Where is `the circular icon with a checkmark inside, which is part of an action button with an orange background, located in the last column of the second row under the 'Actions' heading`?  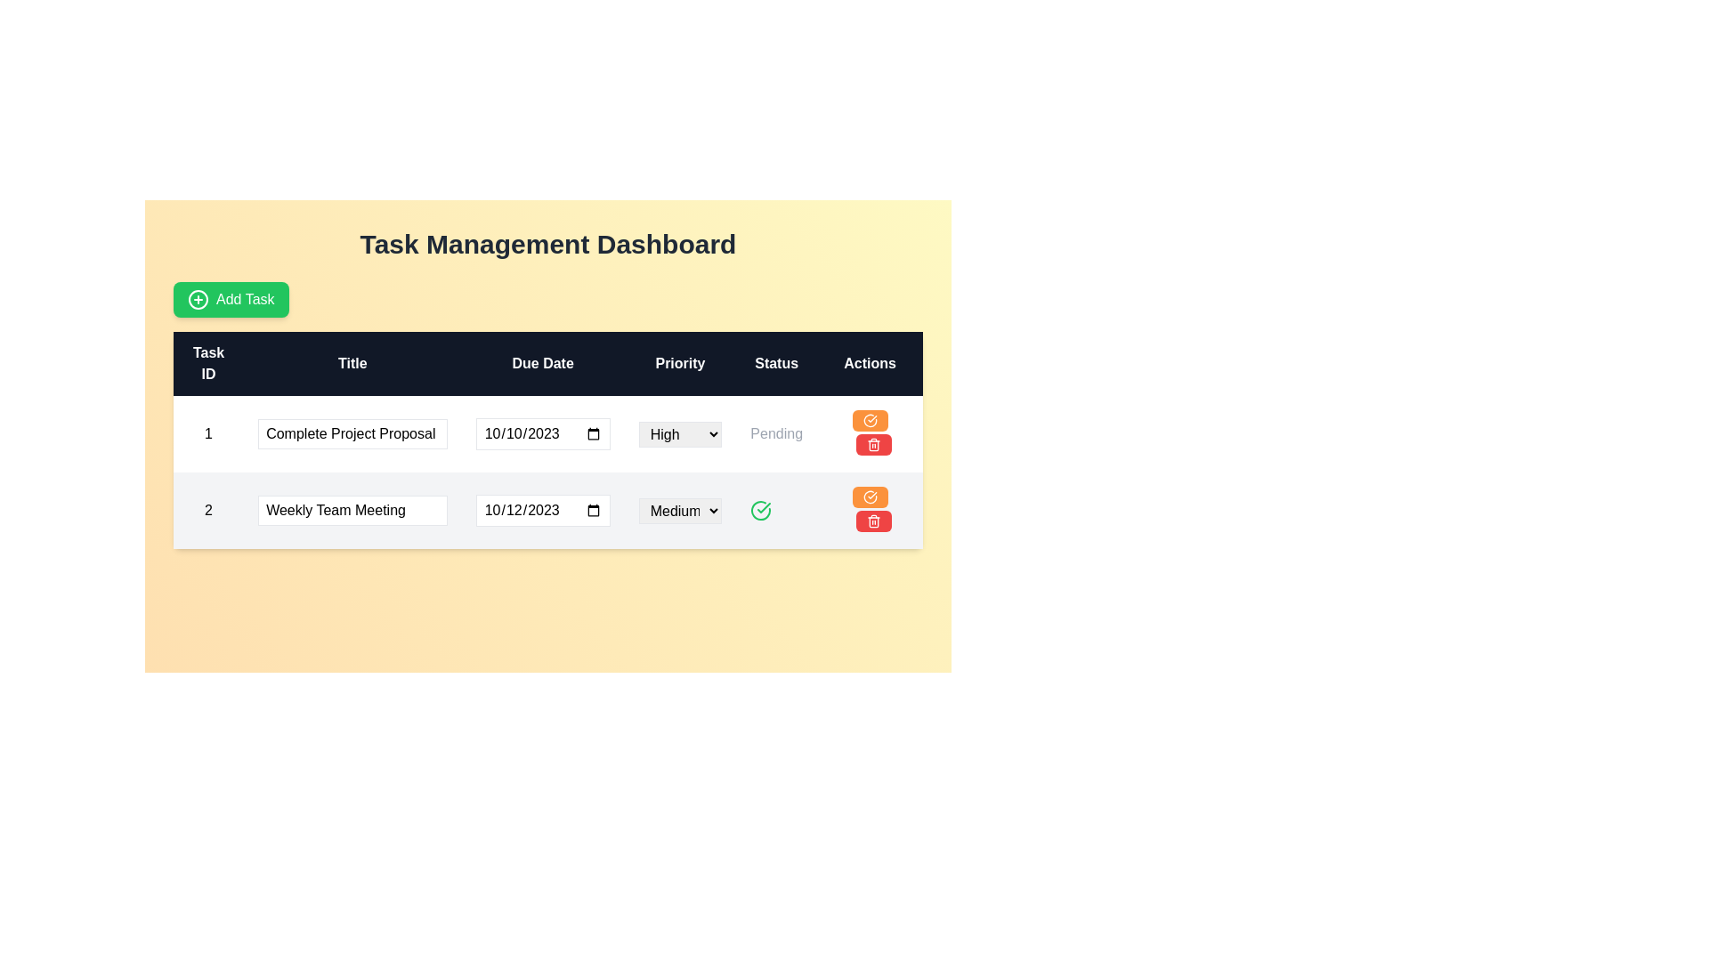 the circular icon with a checkmark inside, which is part of an action button with an orange background, located in the last column of the second row under the 'Actions' heading is located at coordinates (870, 421).